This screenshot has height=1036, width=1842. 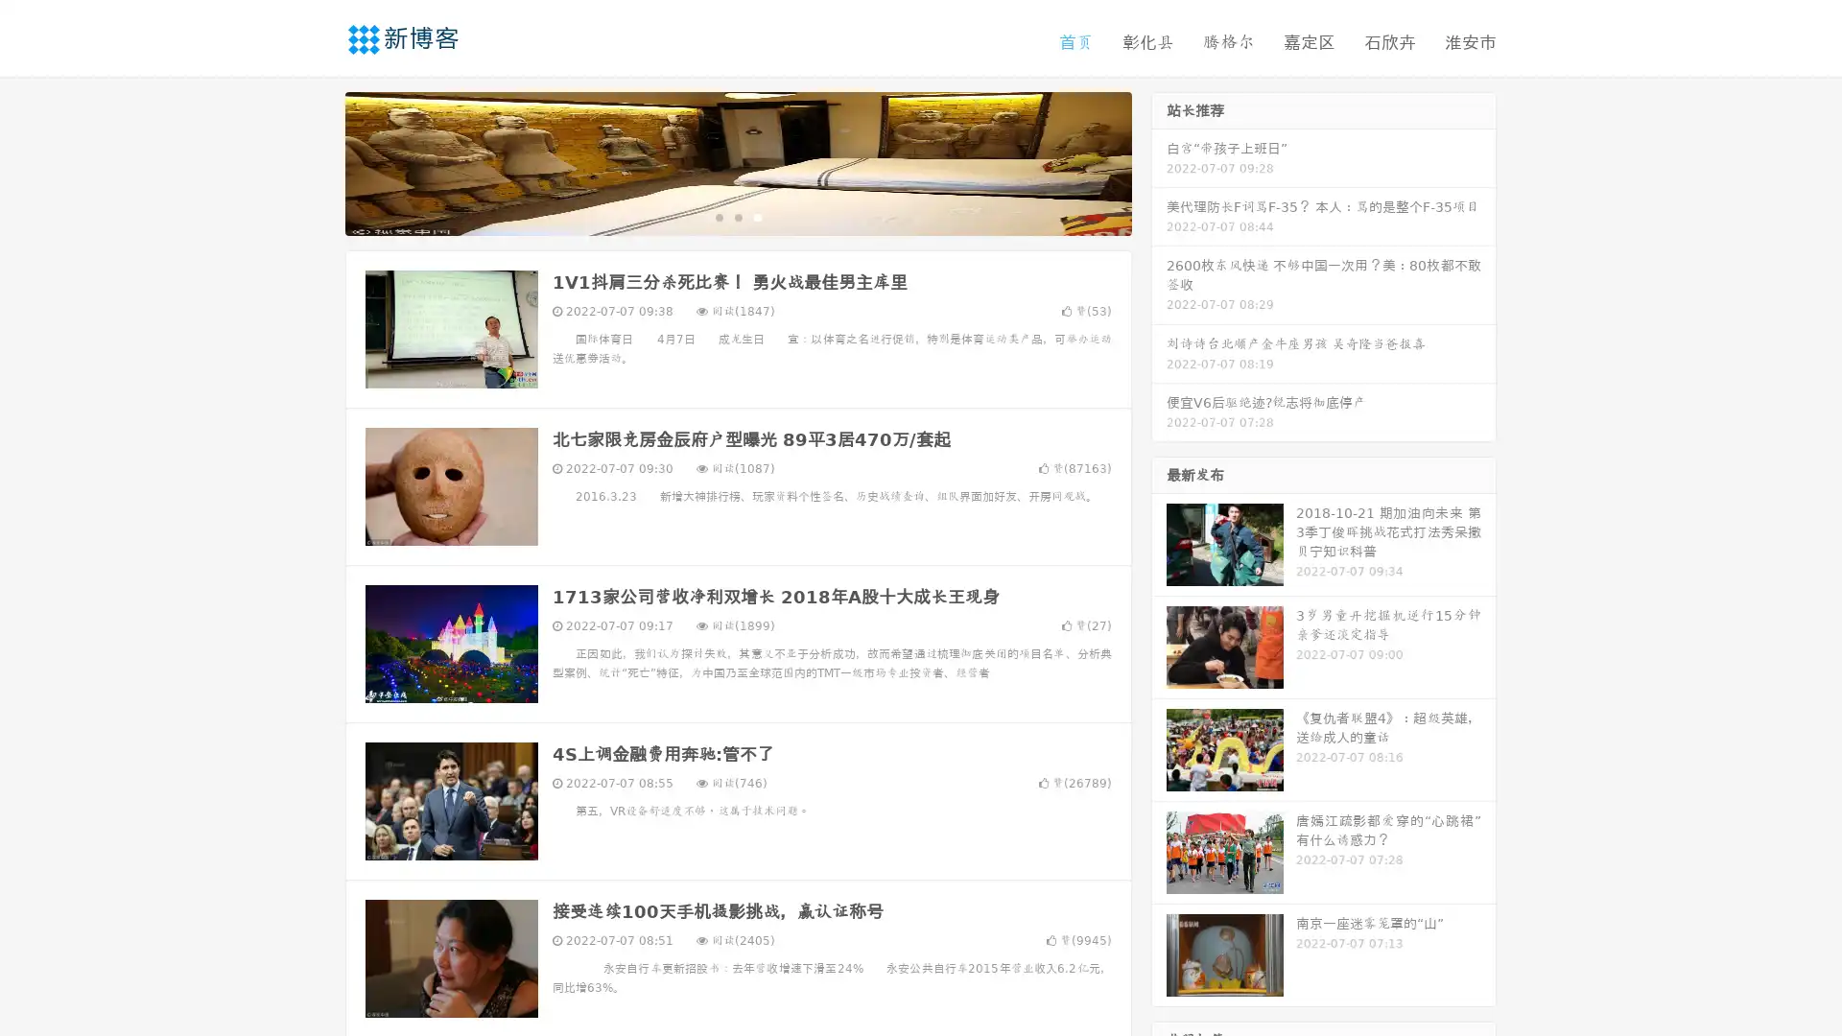 What do you see at coordinates (718, 216) in the screenshot?
I see `Go to slide 1` at bounding box center [718, 216].